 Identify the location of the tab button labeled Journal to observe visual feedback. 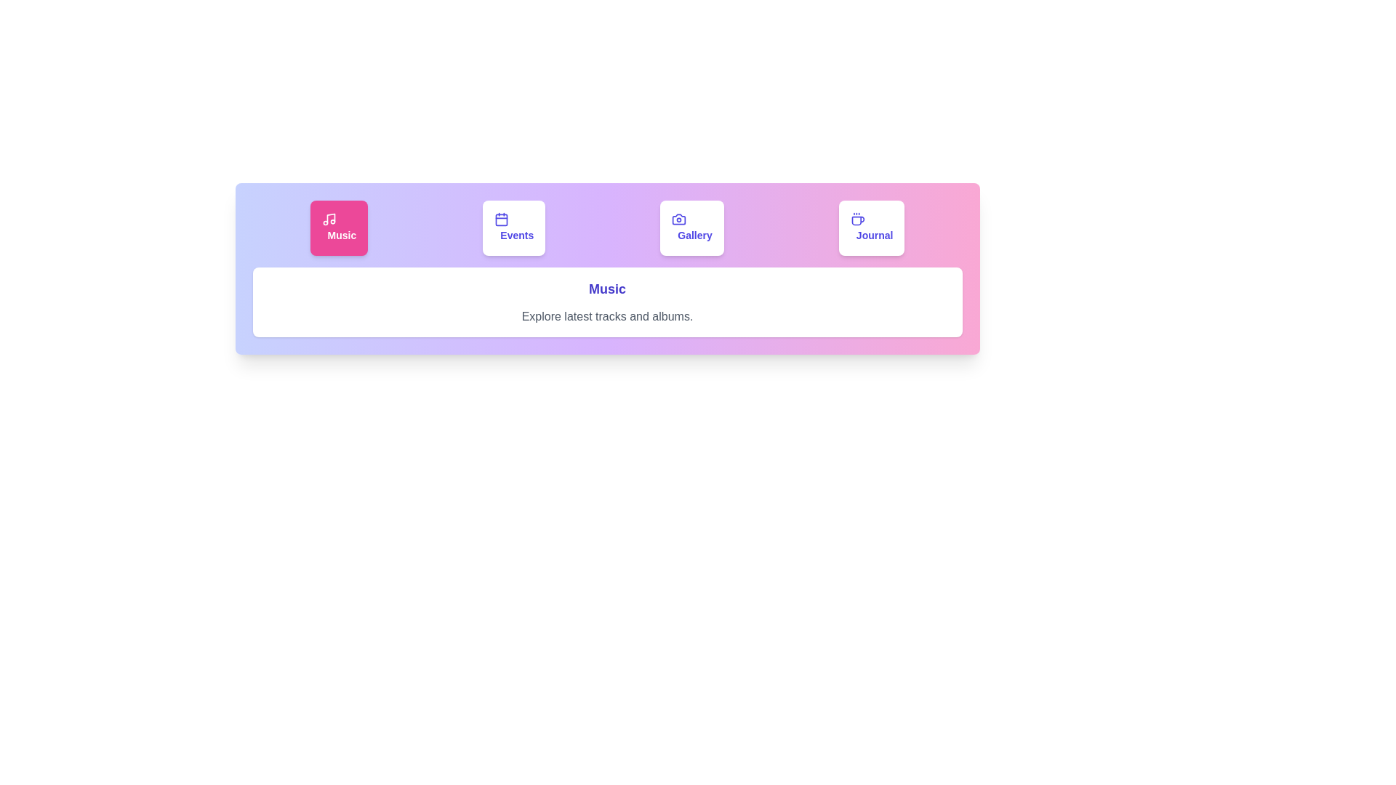
(872, 228).